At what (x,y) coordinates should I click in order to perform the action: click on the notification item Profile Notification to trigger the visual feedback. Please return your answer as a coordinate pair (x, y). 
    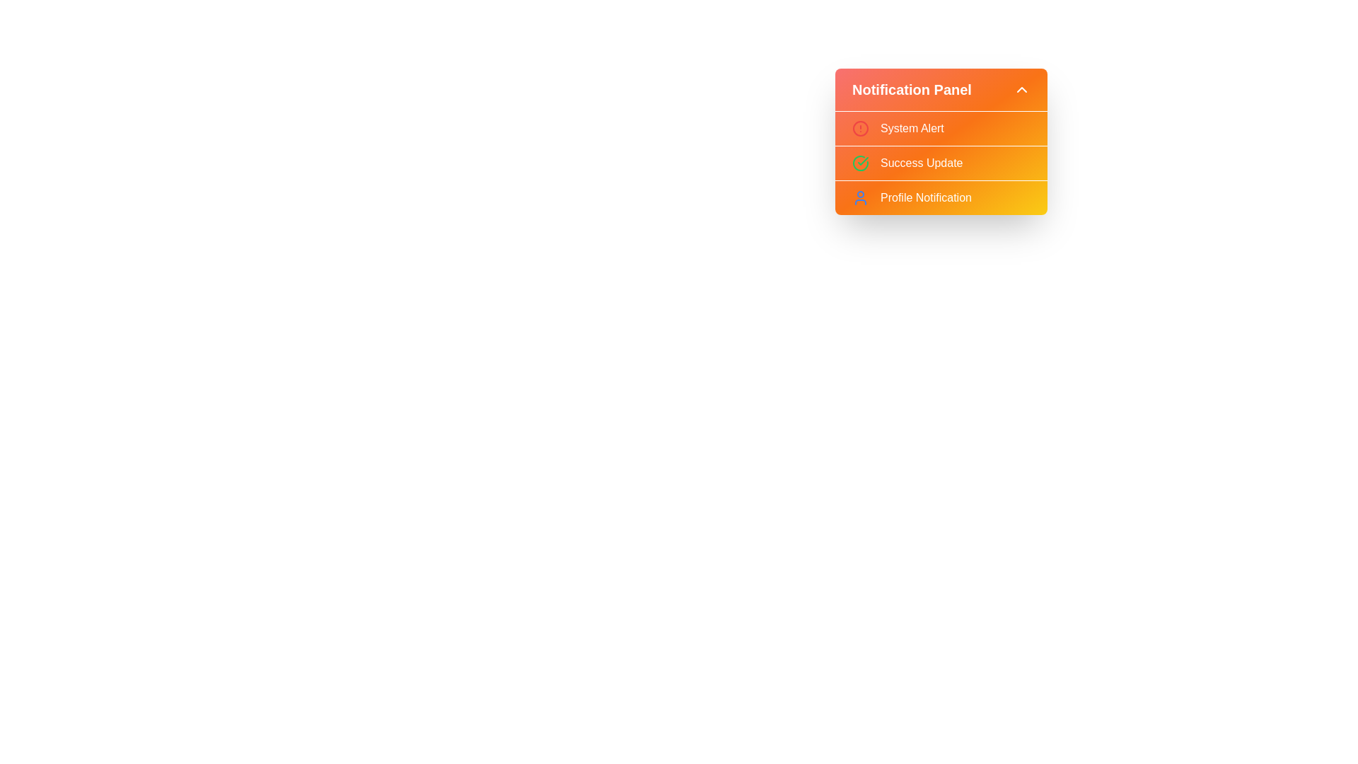
    Looking at the image, I should click on (941, 198).